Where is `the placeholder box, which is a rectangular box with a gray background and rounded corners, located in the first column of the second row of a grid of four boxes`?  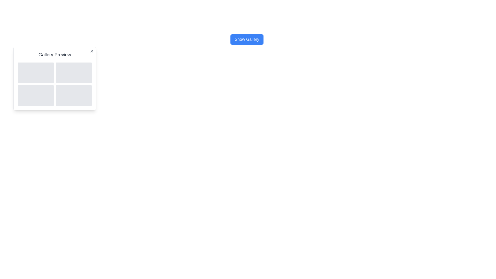
the placeholder box, which is a rectangular box with a gray background and rounded corners, located in the first column of the second row of a grid of four boxes is located at coordinates (35, 96).